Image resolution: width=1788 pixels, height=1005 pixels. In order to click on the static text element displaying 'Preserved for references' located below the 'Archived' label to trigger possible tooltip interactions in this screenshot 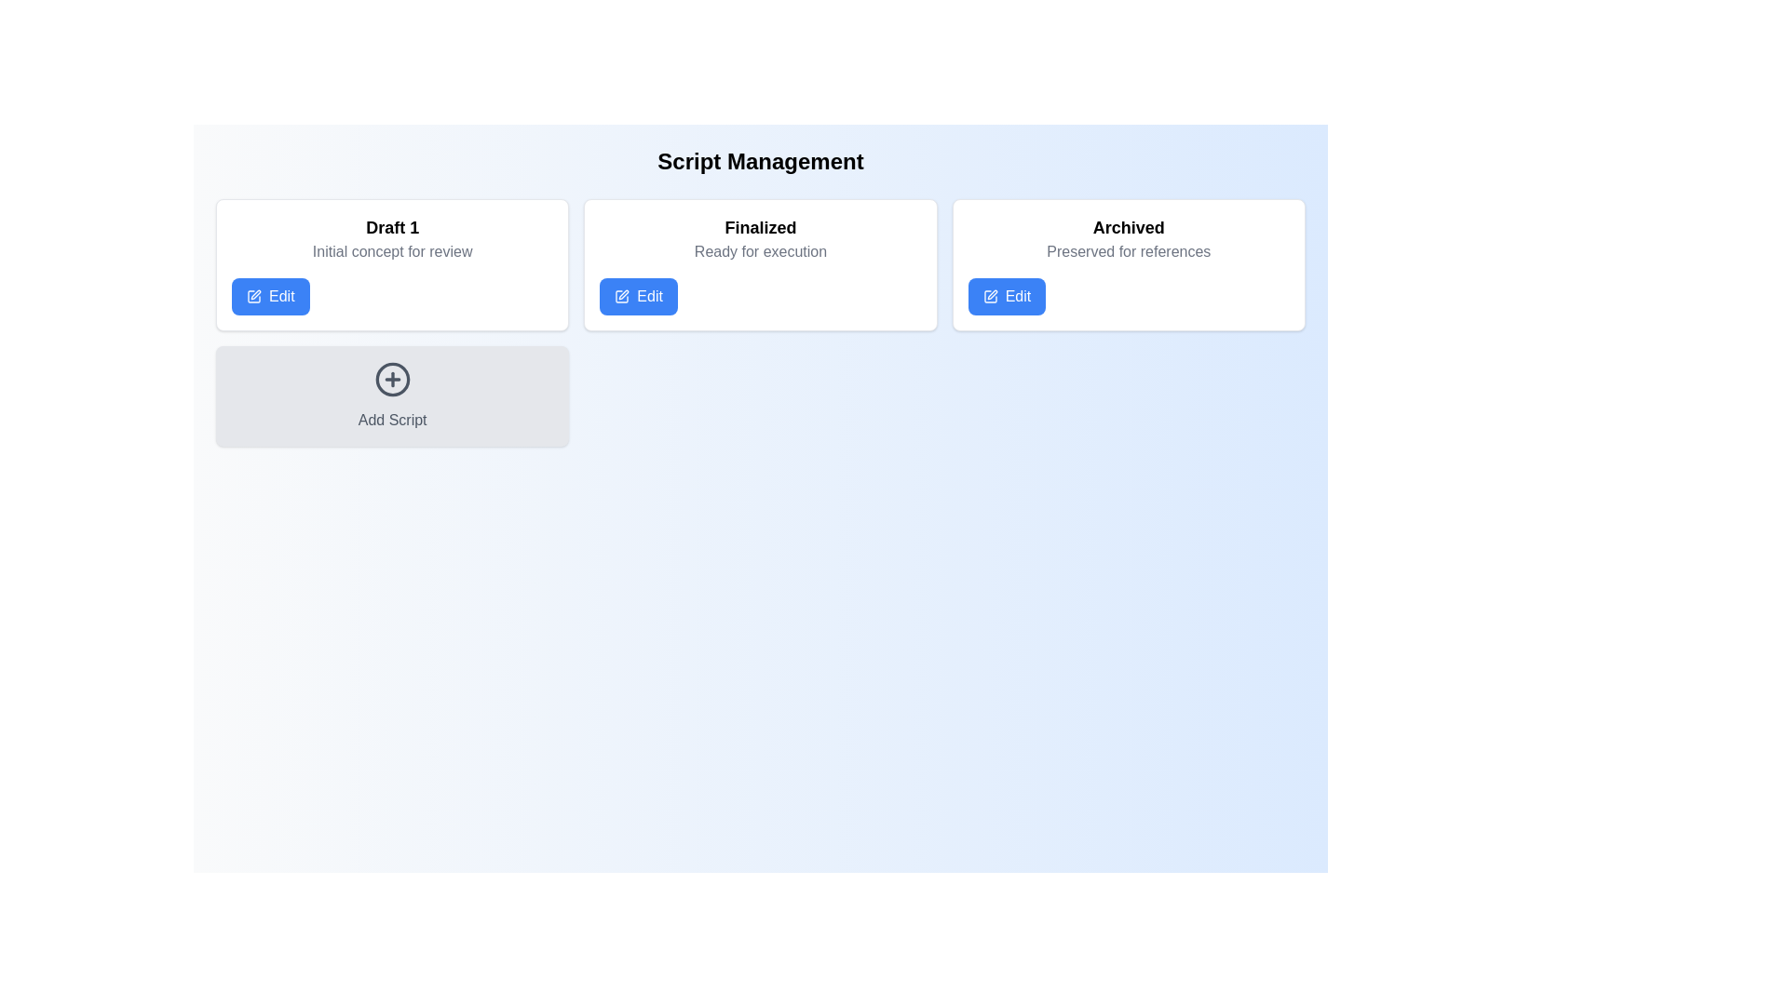, I will do `click(1128, 251)`.